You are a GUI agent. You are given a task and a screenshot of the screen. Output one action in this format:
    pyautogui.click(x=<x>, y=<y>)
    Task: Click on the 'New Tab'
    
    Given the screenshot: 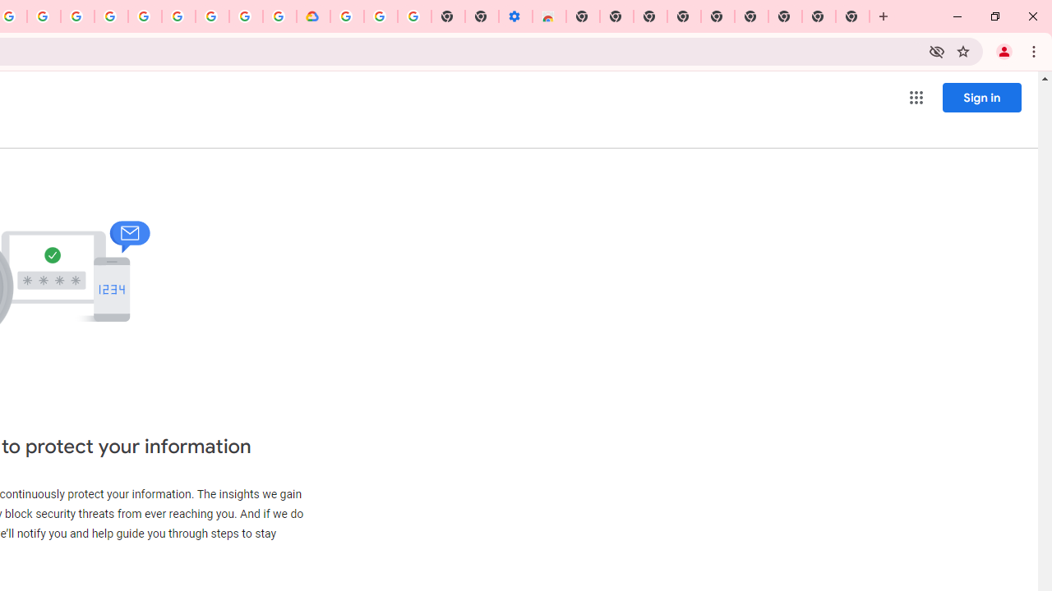 What is the action you would take?
    pyautogui.click(x=853, y=16)
    